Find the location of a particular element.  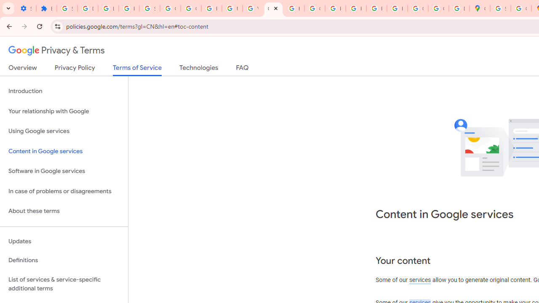

'Learn how to find your photos - Google Photos Help' is located at coordinates (108, 8).